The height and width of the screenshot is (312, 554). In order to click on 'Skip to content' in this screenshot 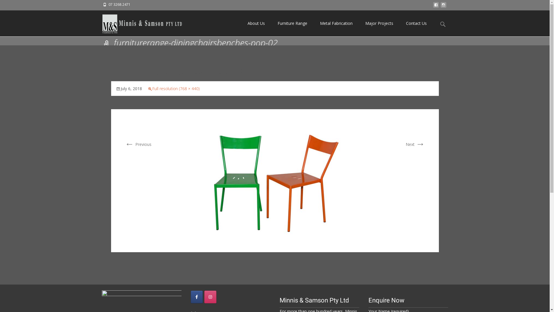, I will do `click(241, 10)`.